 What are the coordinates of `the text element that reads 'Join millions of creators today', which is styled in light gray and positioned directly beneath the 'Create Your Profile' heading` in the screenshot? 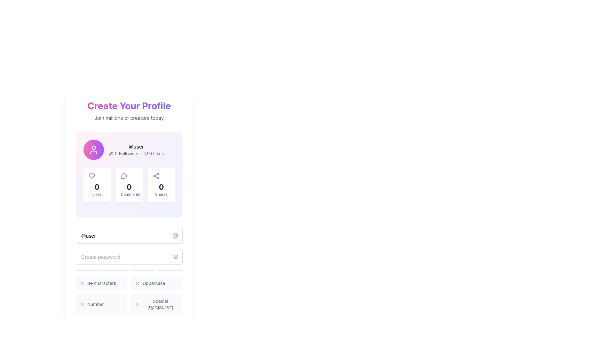 It's located at (129, 118).